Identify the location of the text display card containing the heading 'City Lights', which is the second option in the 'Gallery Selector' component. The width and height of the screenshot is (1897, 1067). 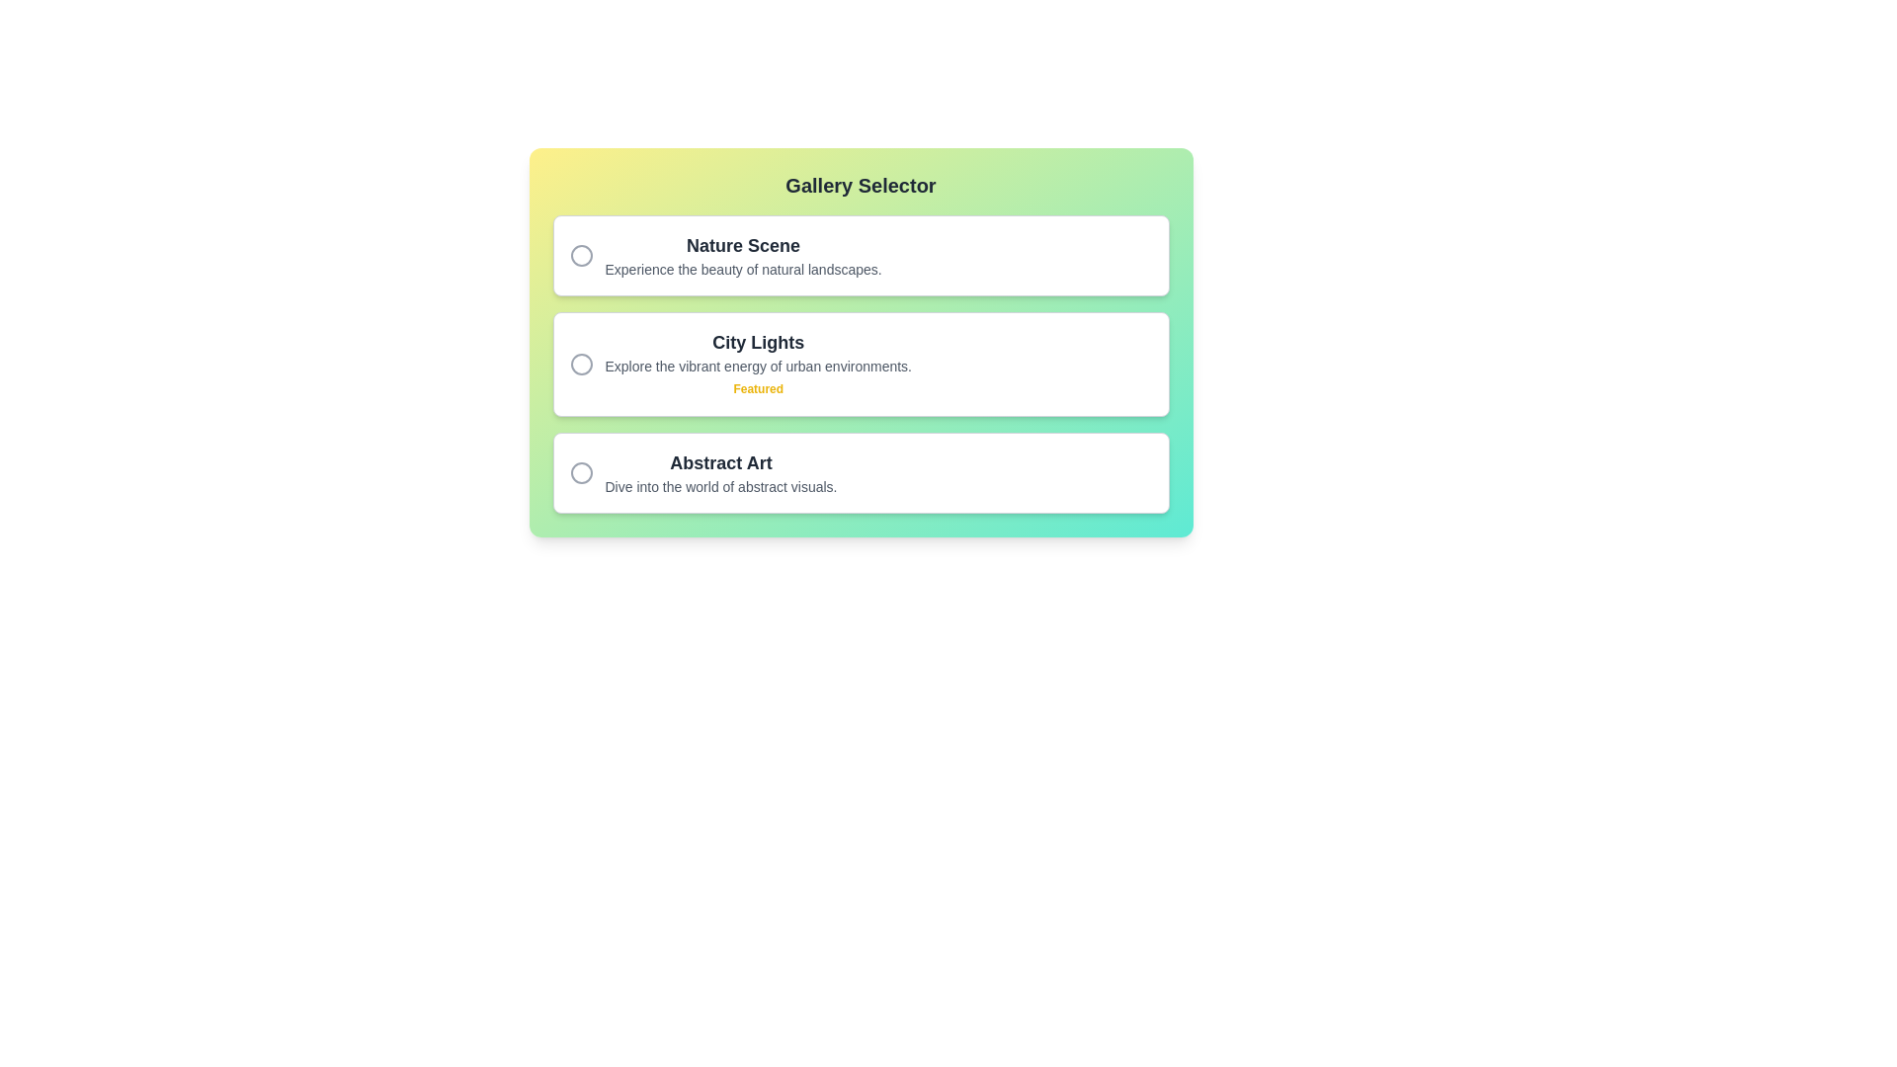
(757, 365).